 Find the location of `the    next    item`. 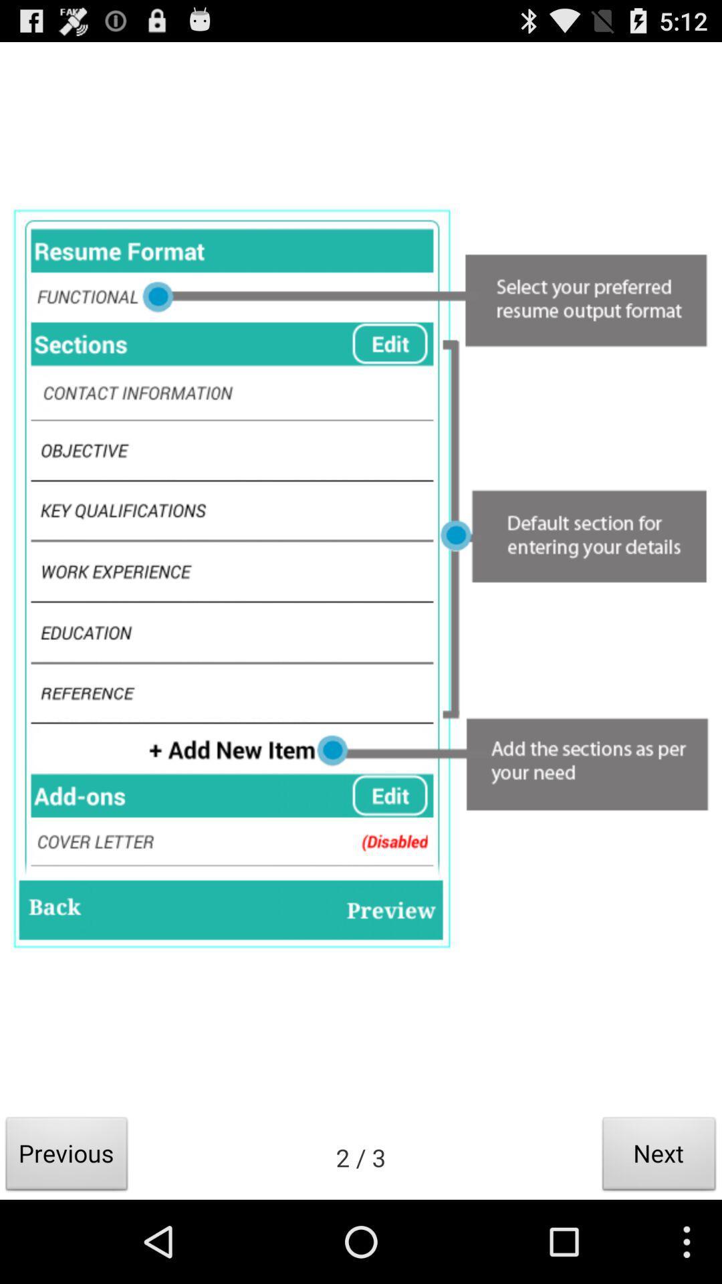

the    next    item is located at coordinates (658, 1157).